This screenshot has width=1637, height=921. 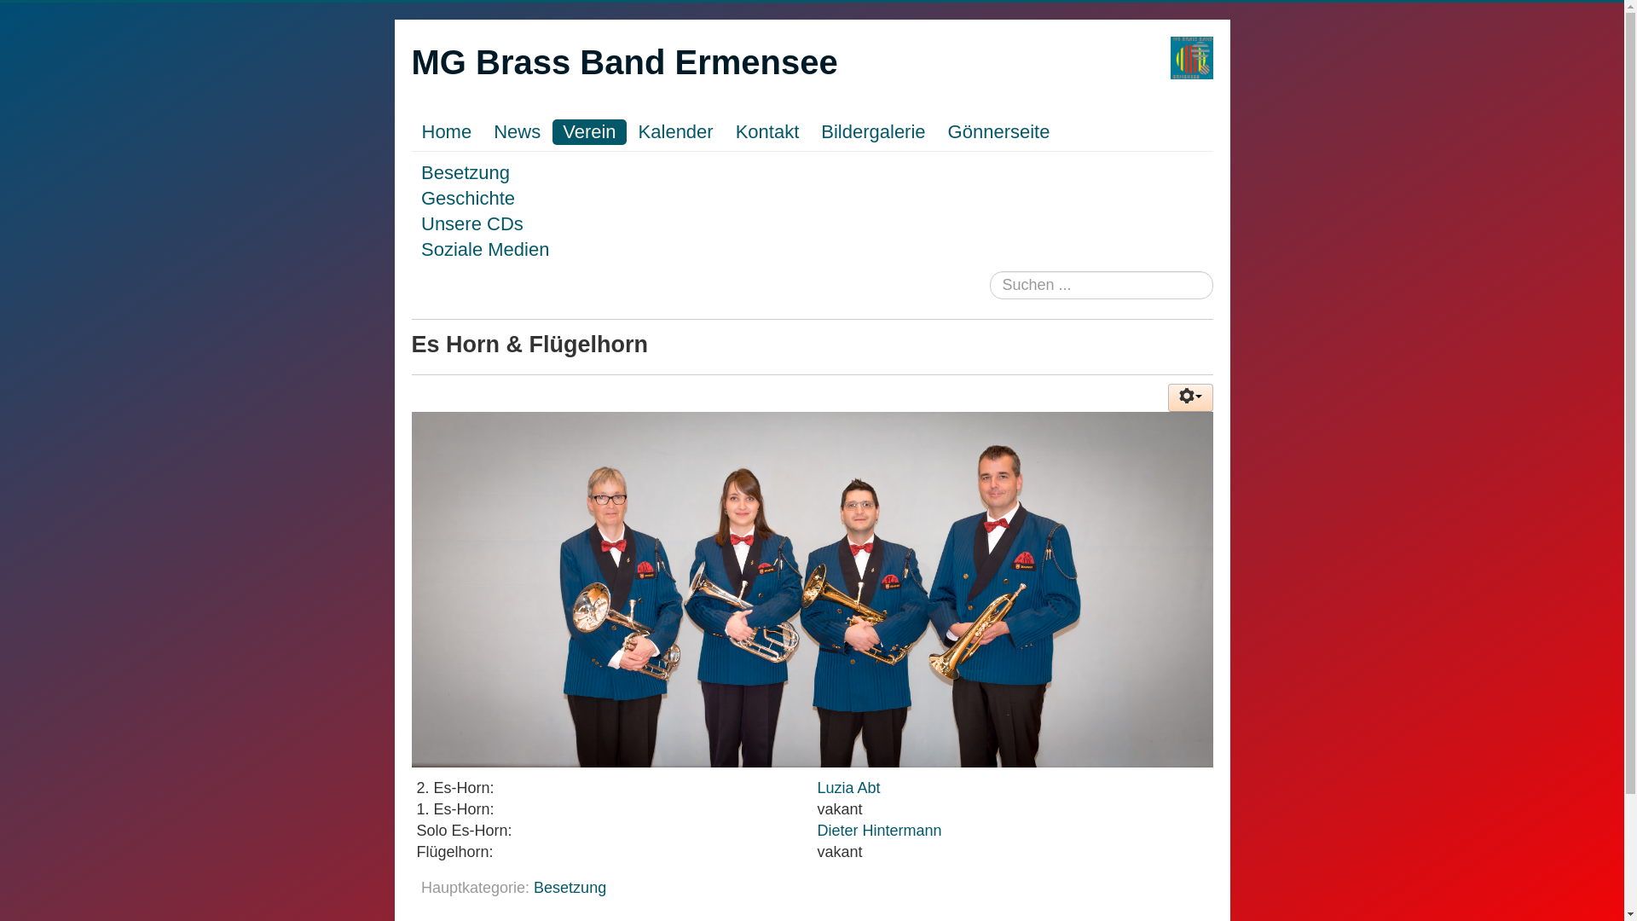 What do you see at coordinates (622, 61) in the screenshot?
I see `'MG Brass Band Ermensee'` at bounding box center [622, 61].